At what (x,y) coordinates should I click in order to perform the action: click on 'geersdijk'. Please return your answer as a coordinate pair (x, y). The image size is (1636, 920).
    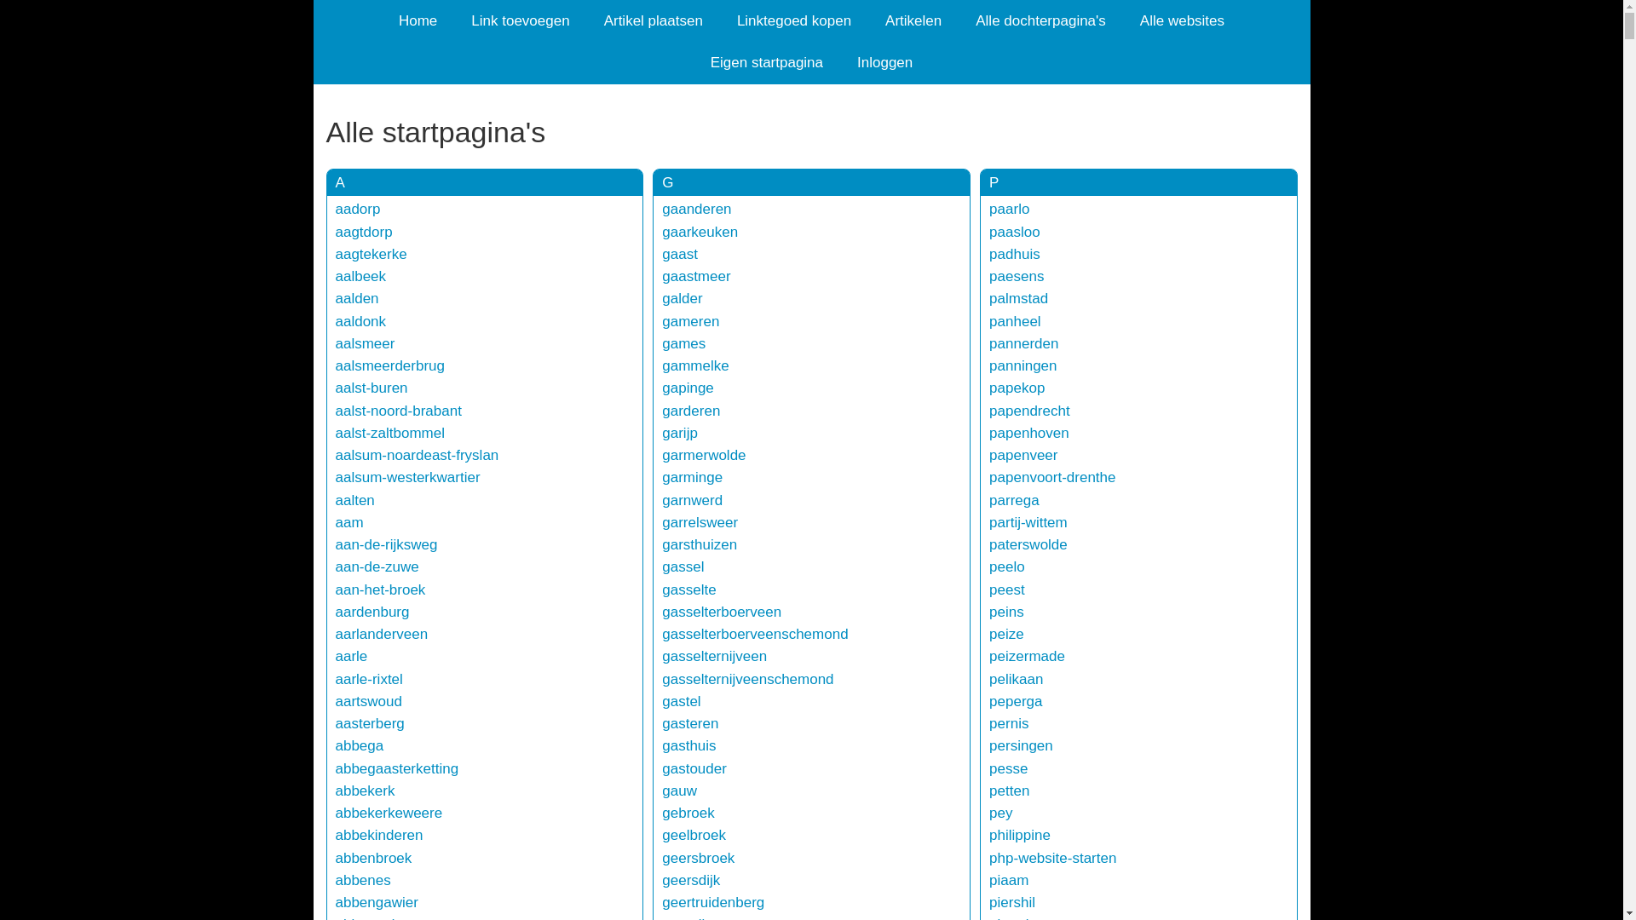
    Looking at the image, I should click on (691, 880).